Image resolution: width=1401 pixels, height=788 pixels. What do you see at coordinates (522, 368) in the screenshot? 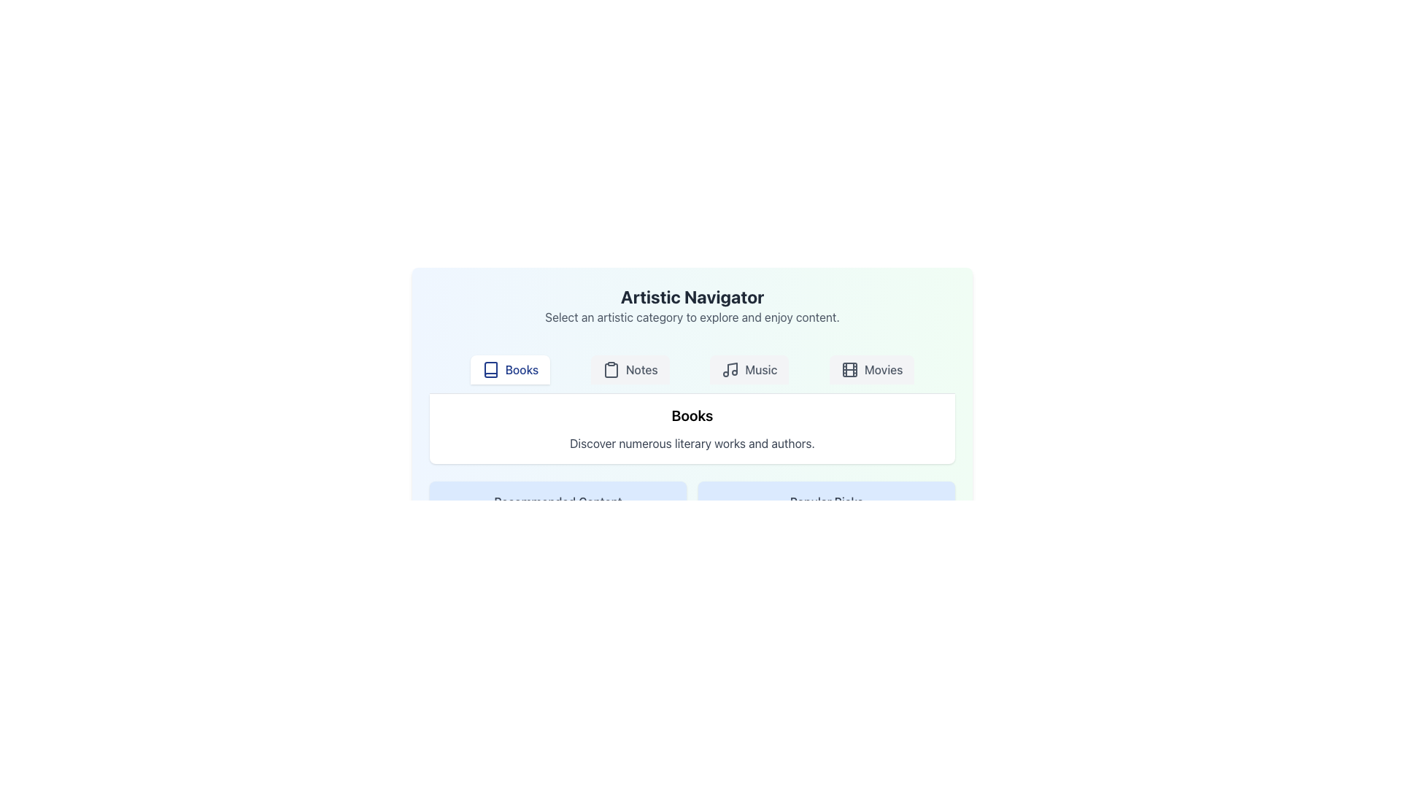
I see `the 'Books' category text label within its button to trigger style changes` at bounding box center [522, 368].